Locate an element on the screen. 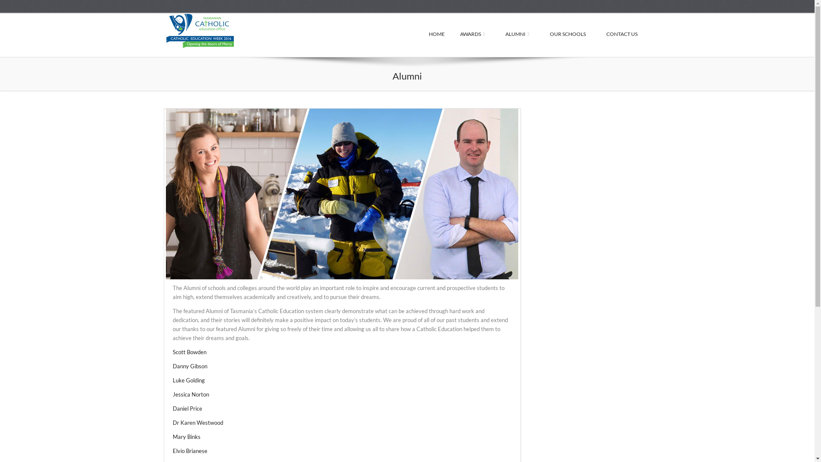  'HOME' is located at coordinates (420, 34).